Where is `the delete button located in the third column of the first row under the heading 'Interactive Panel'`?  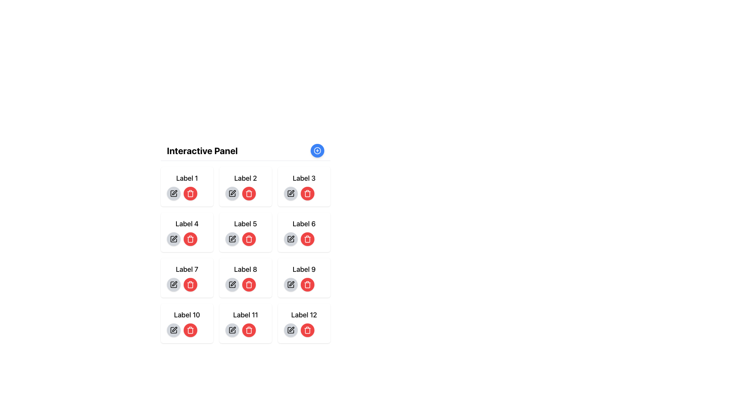 the delete button located in the third column of the first row under the heading 'Interactive Panel' is located at coordinates (304, 187).